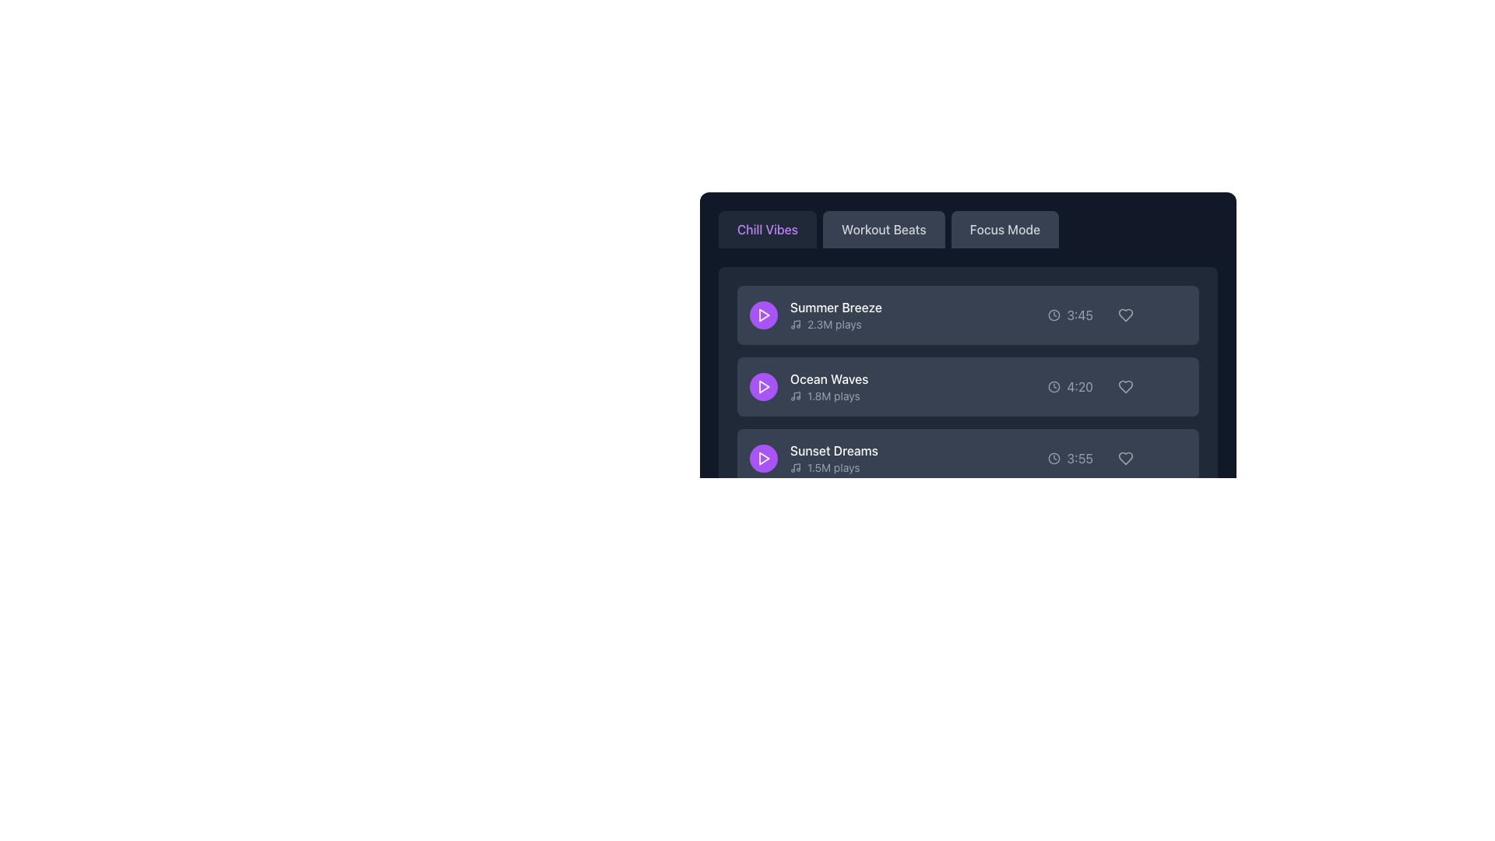 The height and width of the screenshot is (841, 1495). I want to click on the composite text element displaying '4:20' with a clock icon, located in the second row of the vertical list of items for the 'Ocean Waves' entry, so click(1070, 386).